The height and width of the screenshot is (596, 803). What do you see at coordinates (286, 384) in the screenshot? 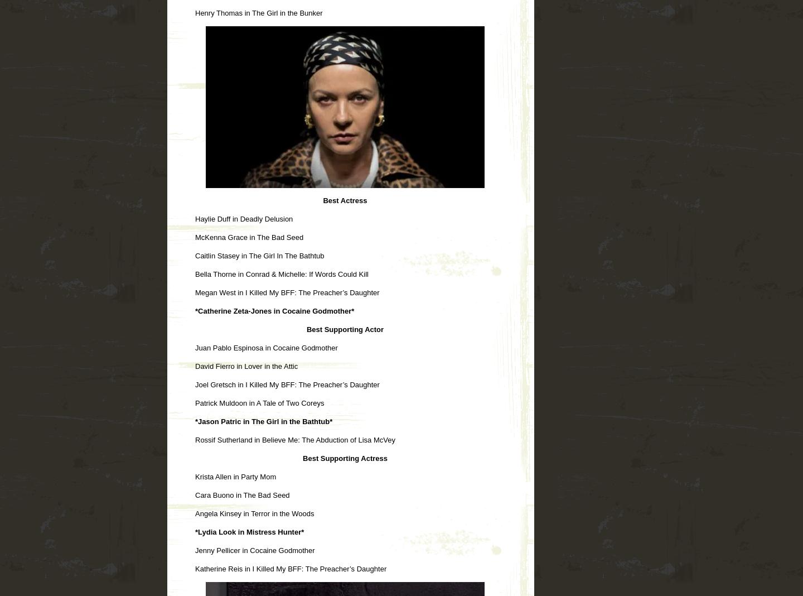
I see `'Joel Gretsch in I Killed My BFF: The Preacher’s Daughter'` at bounding box center [286, 384].